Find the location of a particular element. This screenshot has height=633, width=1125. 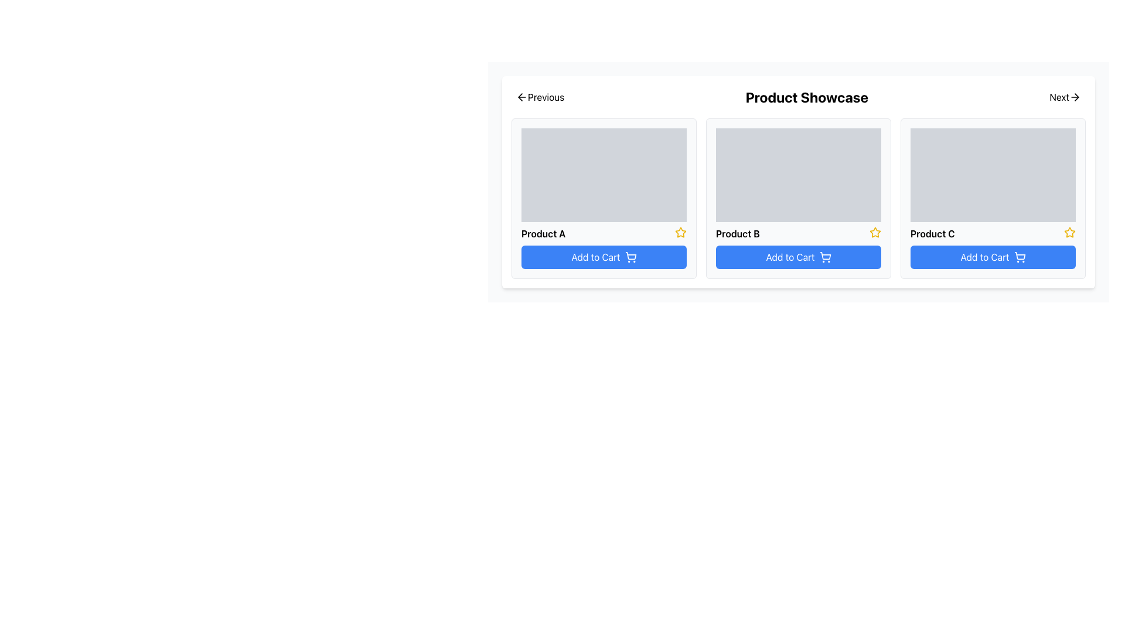

the shopping cart icon associated with the 'Add to Cart' button for Product C to observe potential visual changes is located at coordinates (1019, 255).